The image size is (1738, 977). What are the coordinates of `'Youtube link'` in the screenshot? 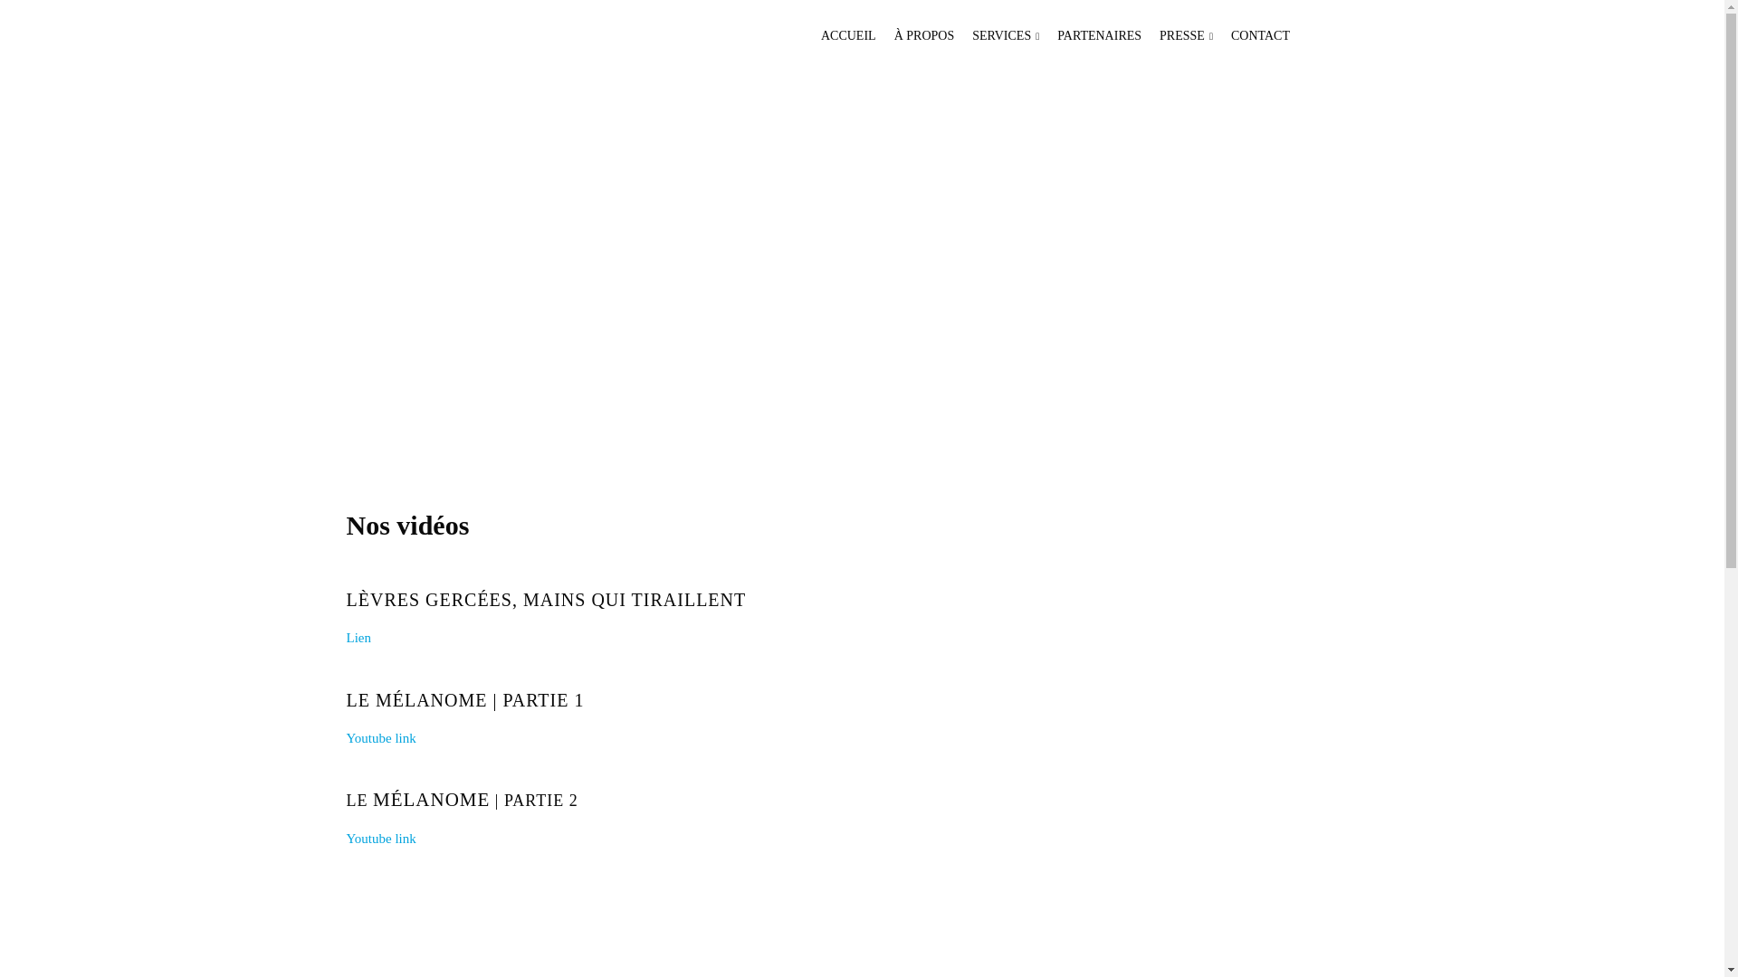 It's located at (346, 738).